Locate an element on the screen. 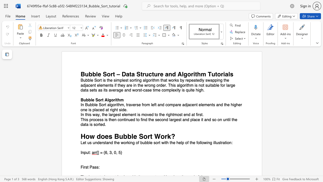 This screenshot has width=323, height=182. the 3th character "s" in the text is located at coordinates (97, 167).